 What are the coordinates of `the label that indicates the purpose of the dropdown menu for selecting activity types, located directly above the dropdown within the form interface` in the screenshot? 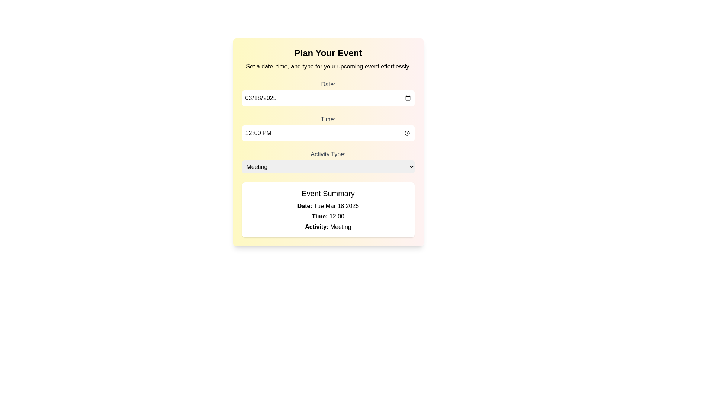 It's located at (328, 154).